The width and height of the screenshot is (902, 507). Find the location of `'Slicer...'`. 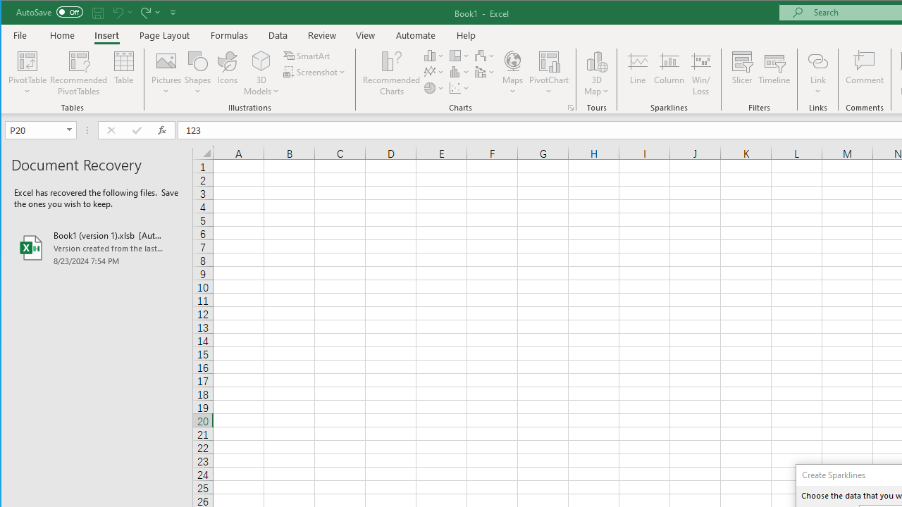

'Slicer...' is located at coordinates (741, 73).